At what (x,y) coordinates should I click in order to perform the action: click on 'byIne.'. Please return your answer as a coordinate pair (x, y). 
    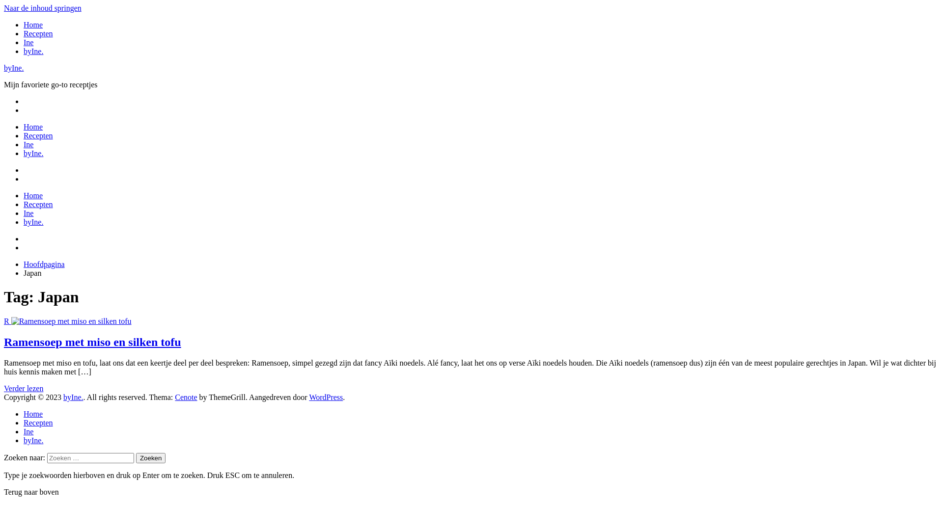
    Looking at the image, I should click on (72, 397).